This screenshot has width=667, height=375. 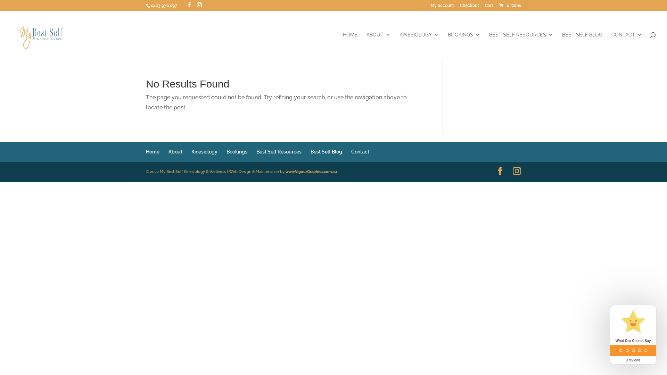 I want to click on 'Home', so click(x=152, y=151).